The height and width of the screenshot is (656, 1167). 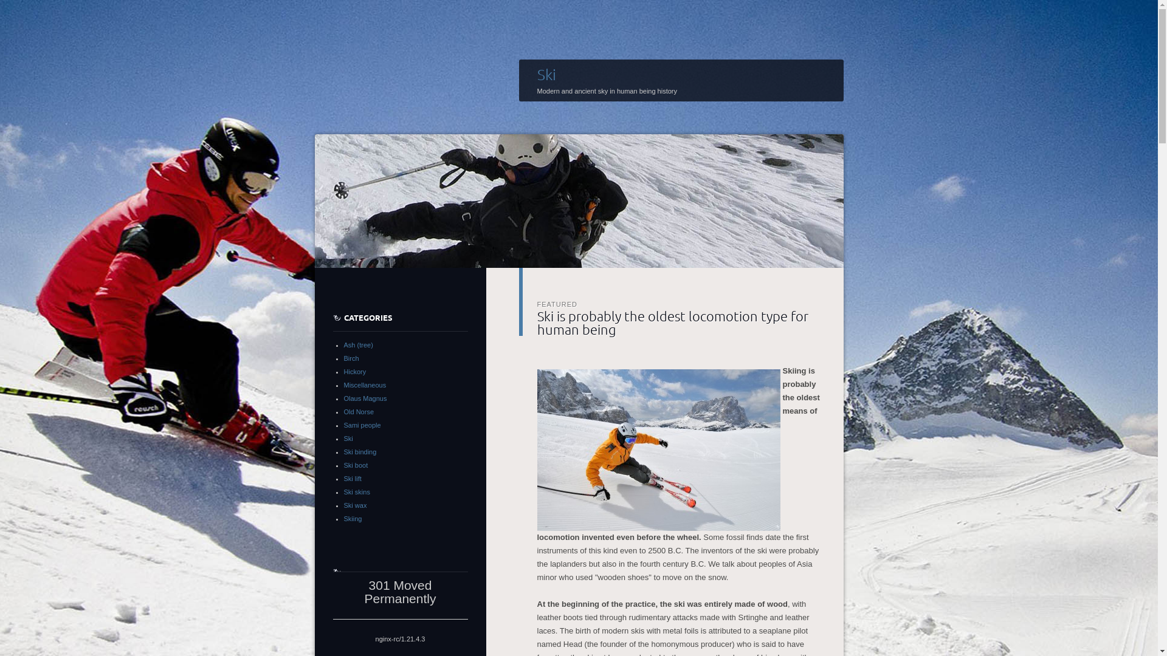 I want to click on 'Birch', so click(x=351, y=358).